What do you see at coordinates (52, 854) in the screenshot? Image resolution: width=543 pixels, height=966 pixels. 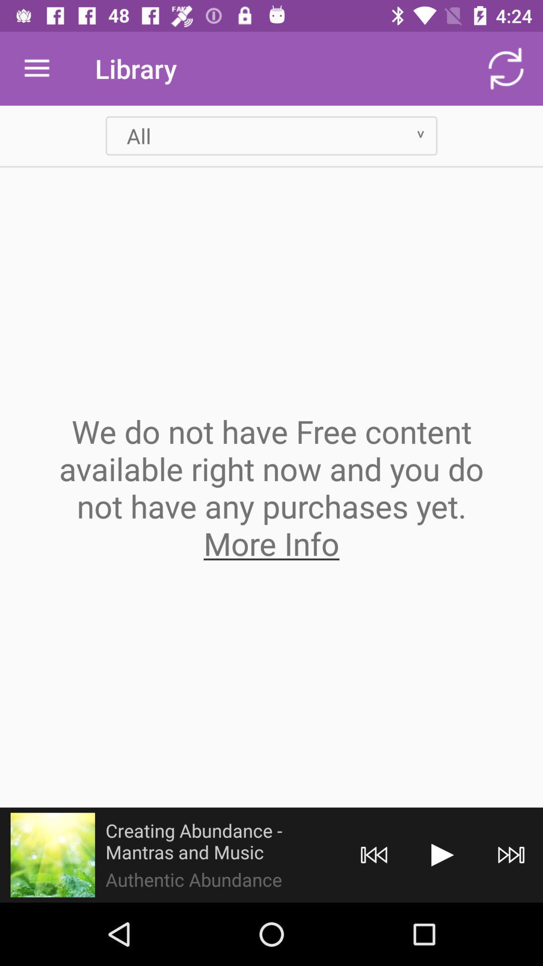 I see `maximize cover art` at bounding box center [52, 854].